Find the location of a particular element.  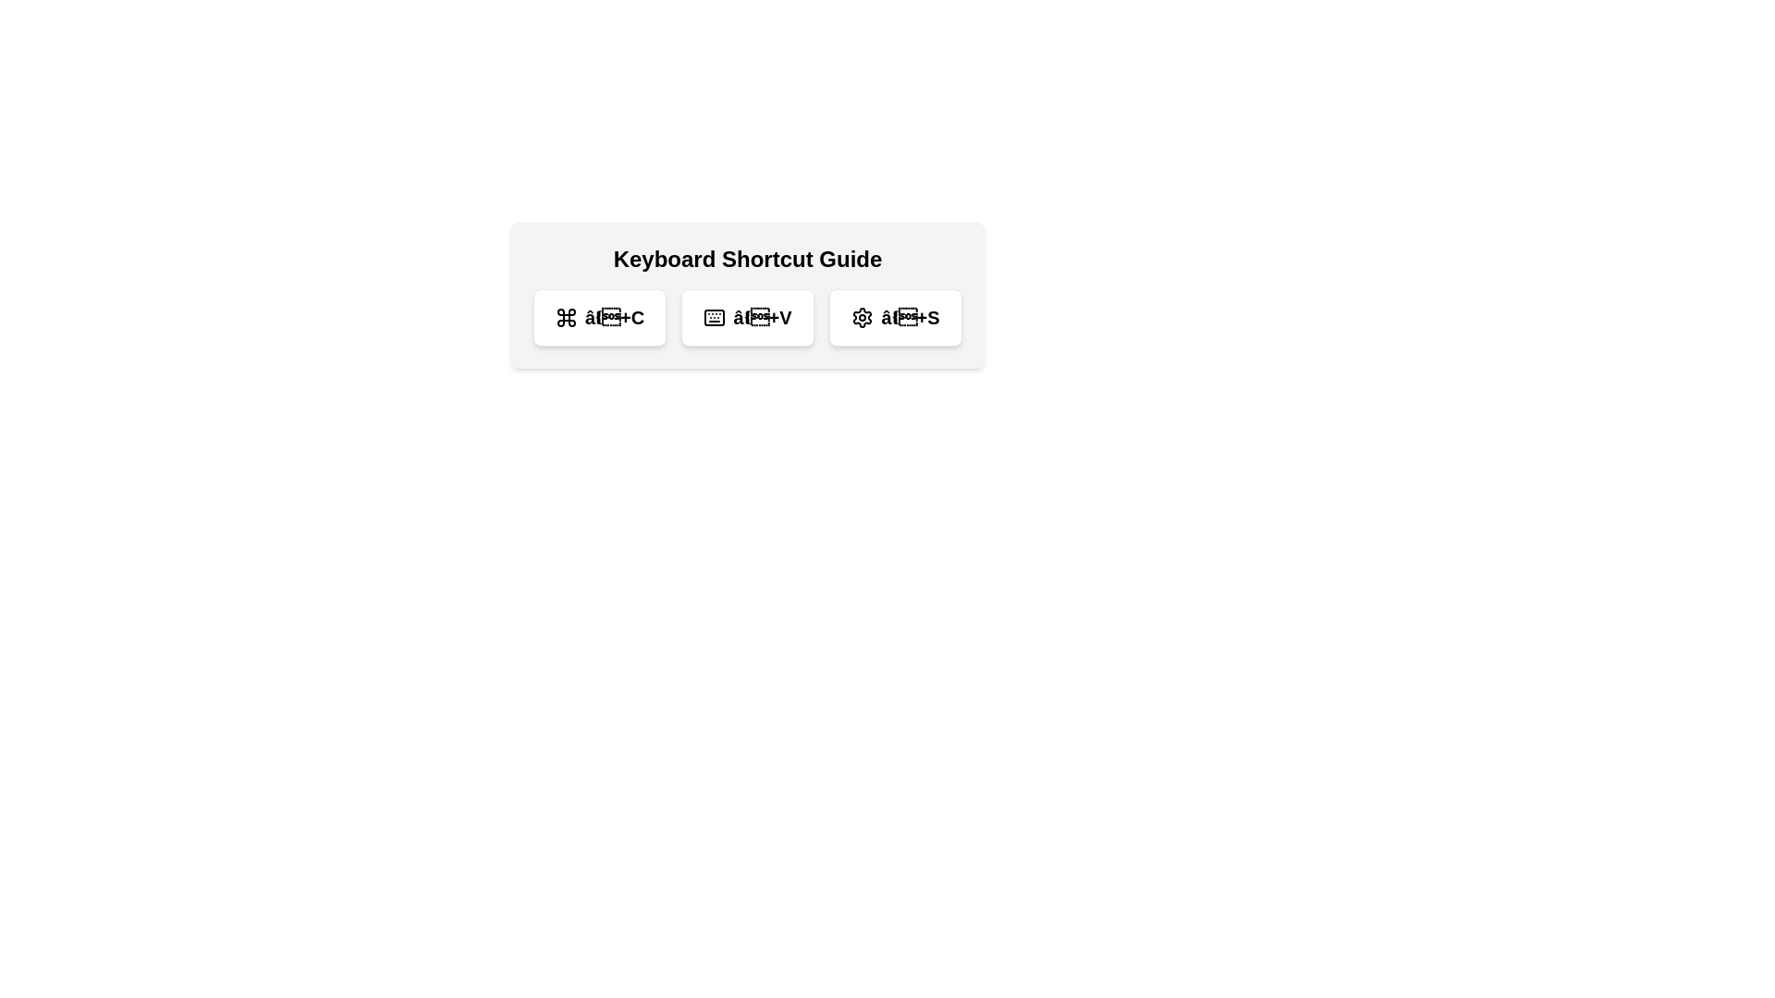

the keyboard shortcut guide button that visually represents the command '⌘+V' is located at coordinates (748, 316).